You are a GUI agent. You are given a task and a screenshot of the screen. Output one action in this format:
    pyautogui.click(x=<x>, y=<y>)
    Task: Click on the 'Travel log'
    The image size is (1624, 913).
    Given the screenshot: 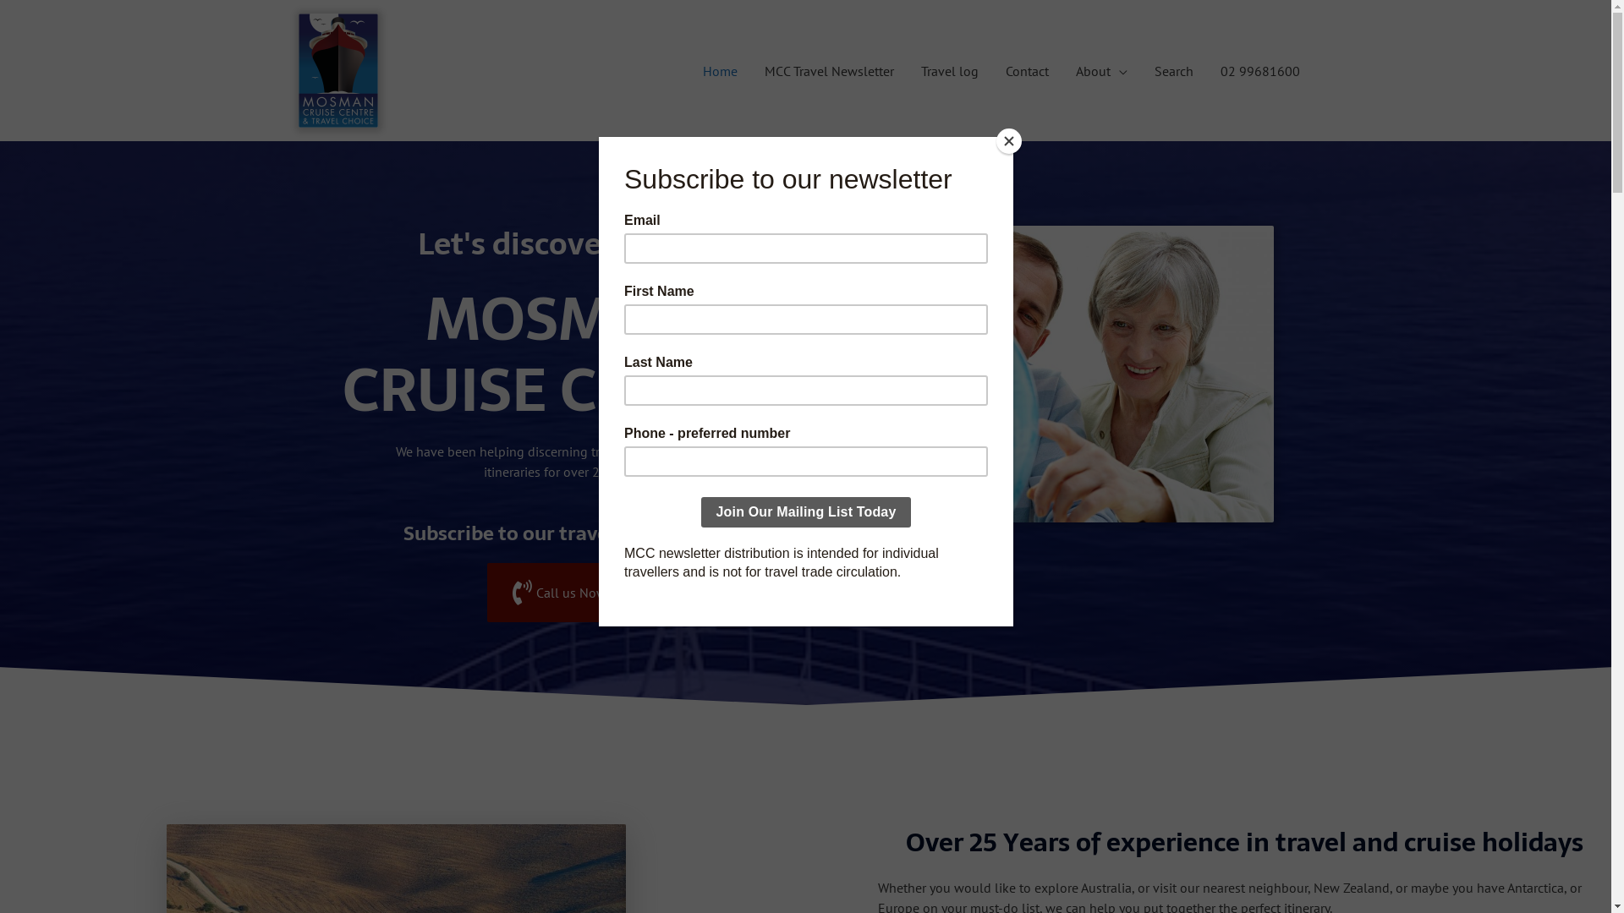 What is the action you would take?
    pyautogui.click(x=949, y=69)
    